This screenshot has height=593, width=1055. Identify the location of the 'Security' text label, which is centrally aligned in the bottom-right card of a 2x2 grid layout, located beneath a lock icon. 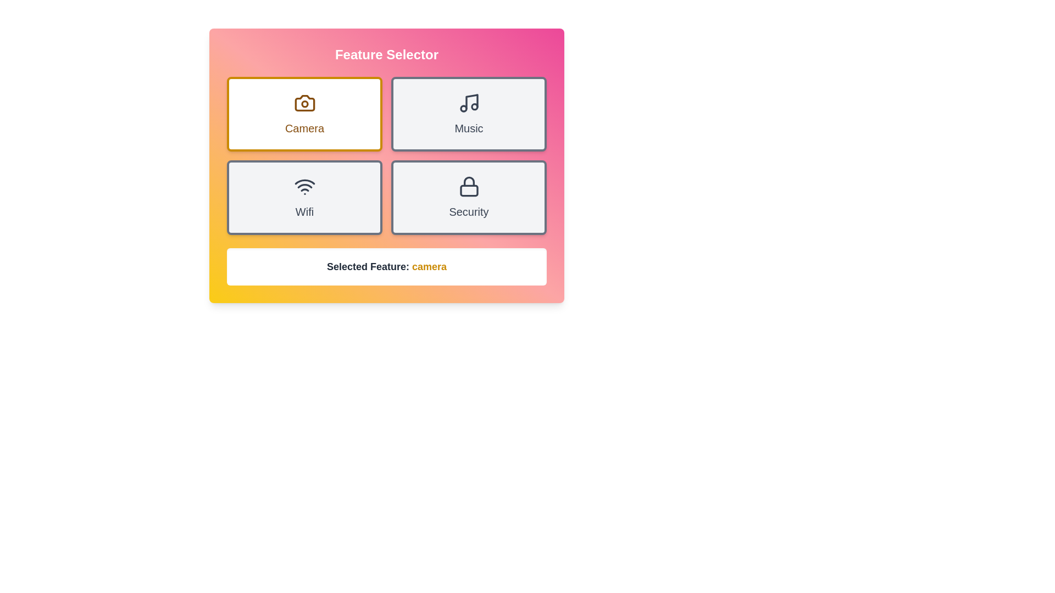
(469, 211).